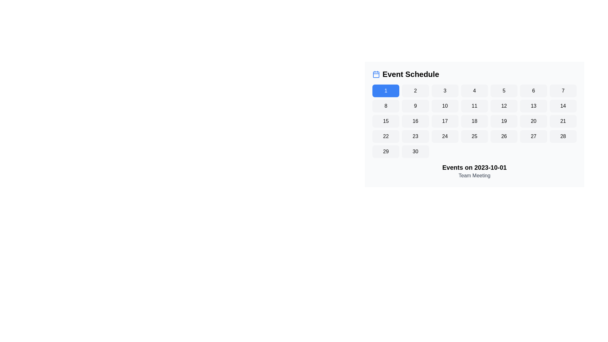 This screenshot has width=608, height=342. I want to click on the interactive date button representing the date '30', so click(415, 151).